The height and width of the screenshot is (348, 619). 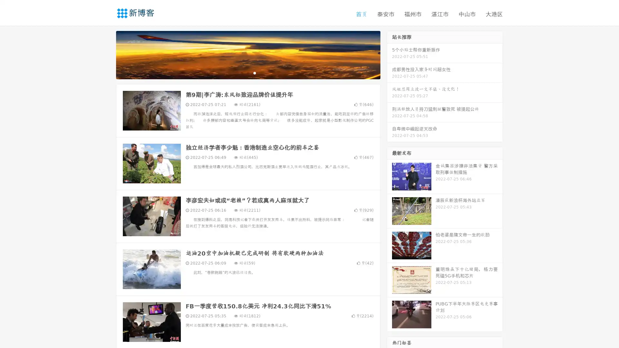 I want to click on Go to slide 3, so click(x=254, y=72).